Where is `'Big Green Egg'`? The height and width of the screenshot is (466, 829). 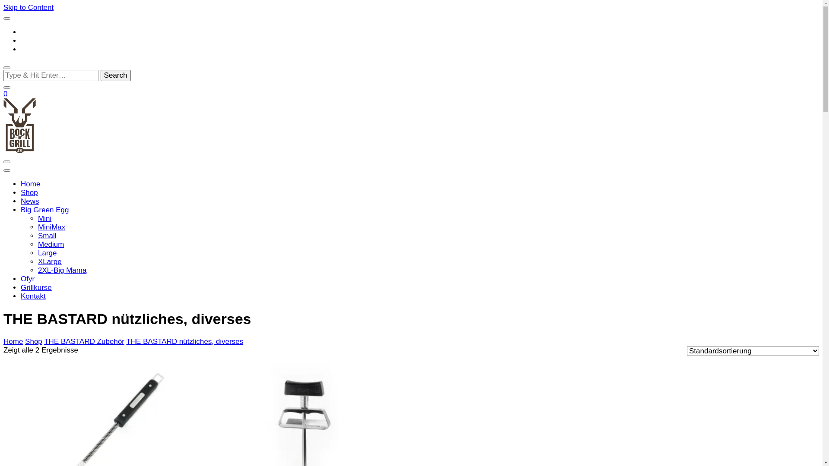
'Big Green Egg' is located at coordinates (44, 210).